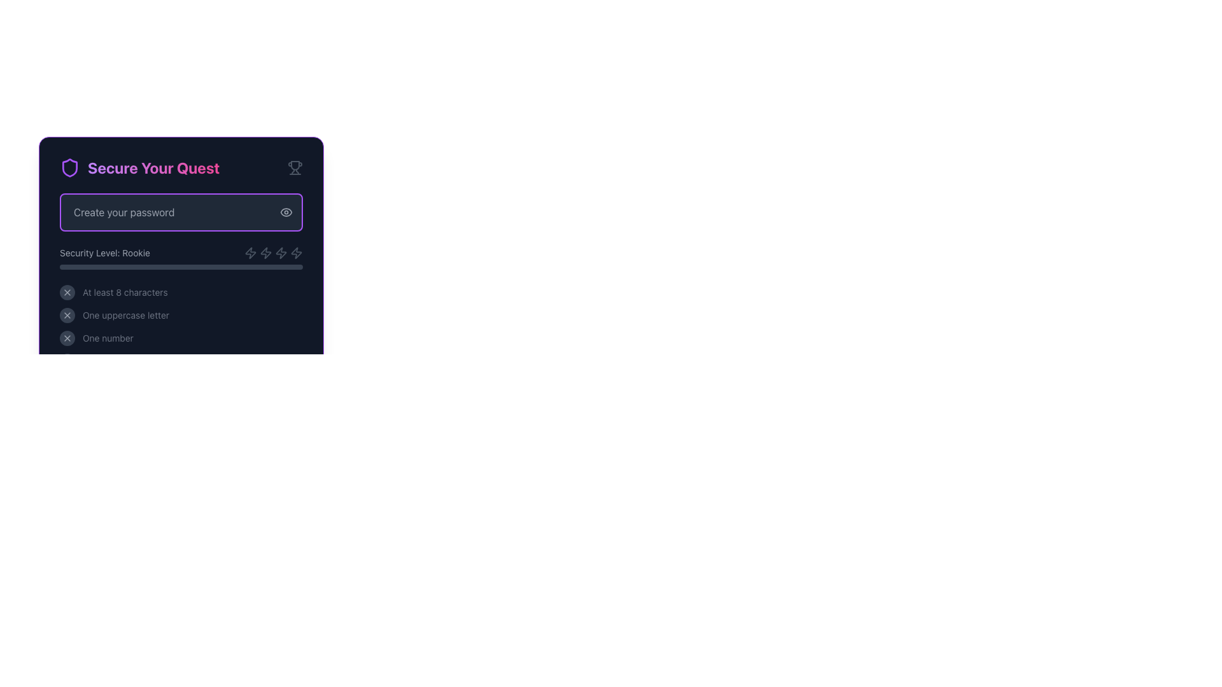  Describe the element at coordinates (280, 253) in the screenshot. I see `the lightning bolt icon with a gray stroke color` at that location.